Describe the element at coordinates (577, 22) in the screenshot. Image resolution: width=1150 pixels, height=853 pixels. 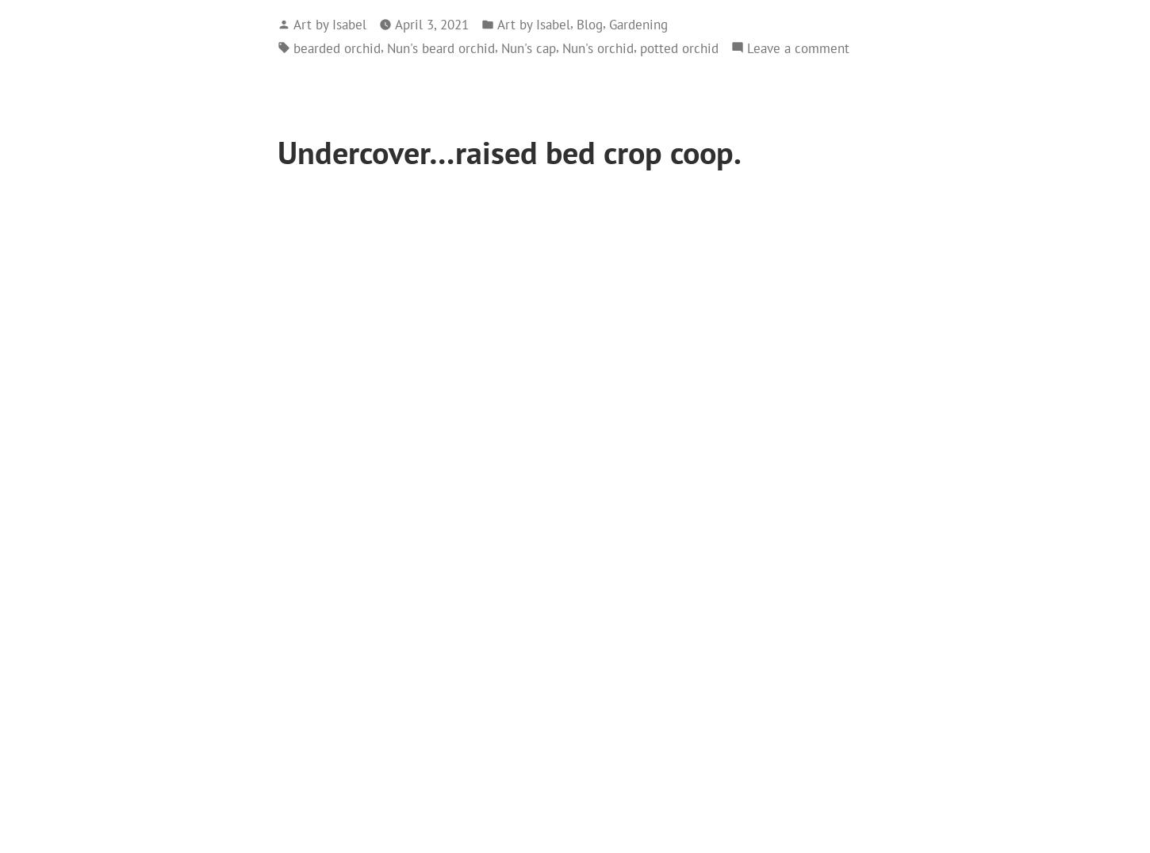
I see `'Blog'` at that location.